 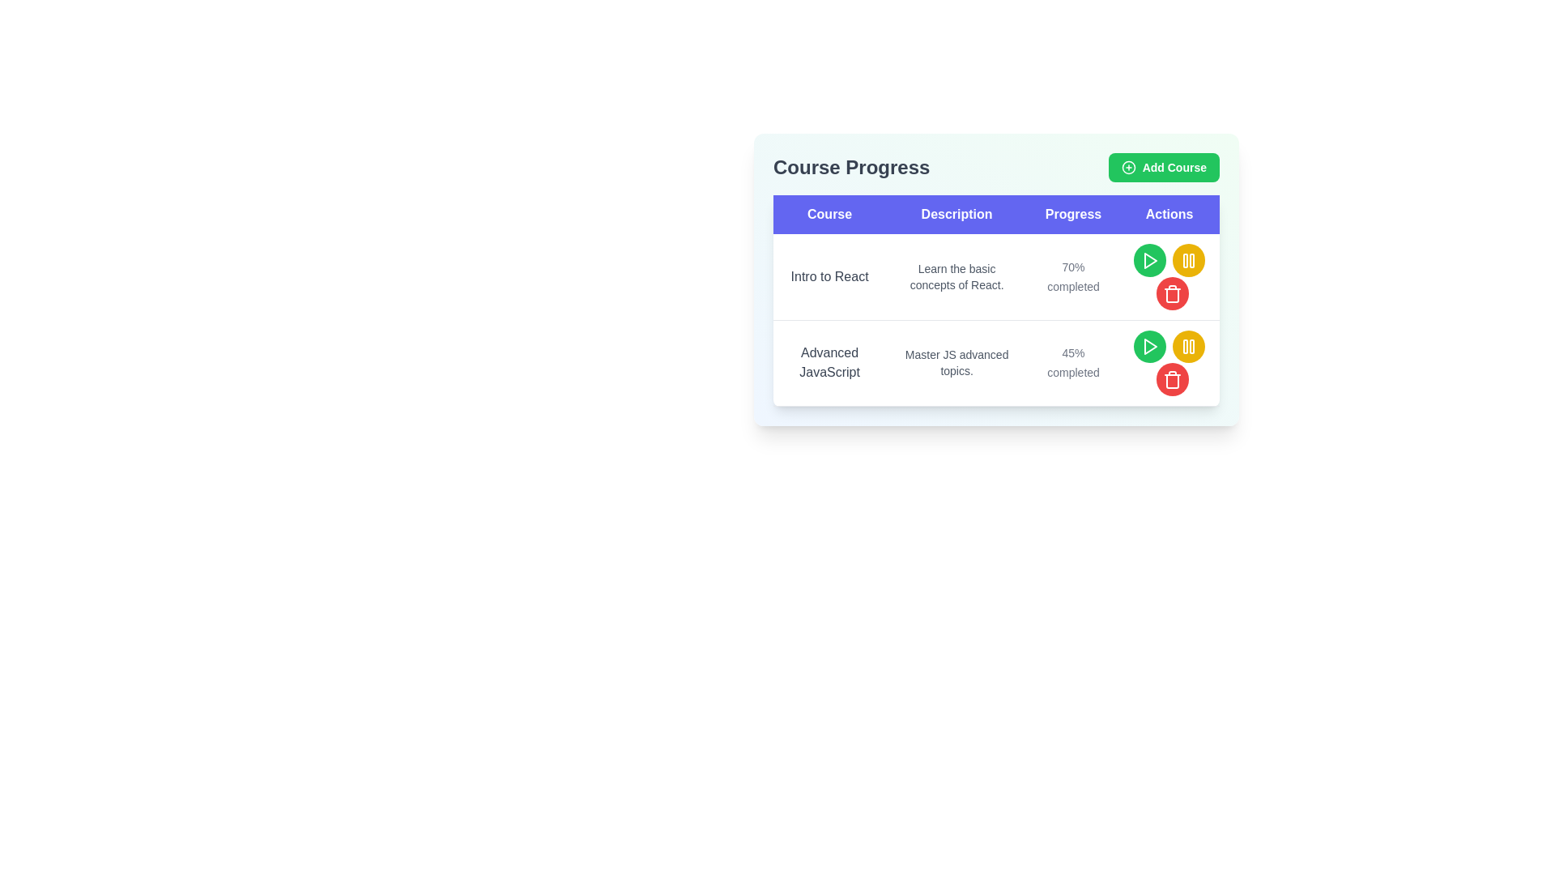 What do you see at coordinates (1186, 259) in the screenshot?
I see `the left vertical rectangular bar of the pause icon, which has a yellow fill and is located in the rightmost cell of the second row in a table interface` at bounding box center [1186, 259].